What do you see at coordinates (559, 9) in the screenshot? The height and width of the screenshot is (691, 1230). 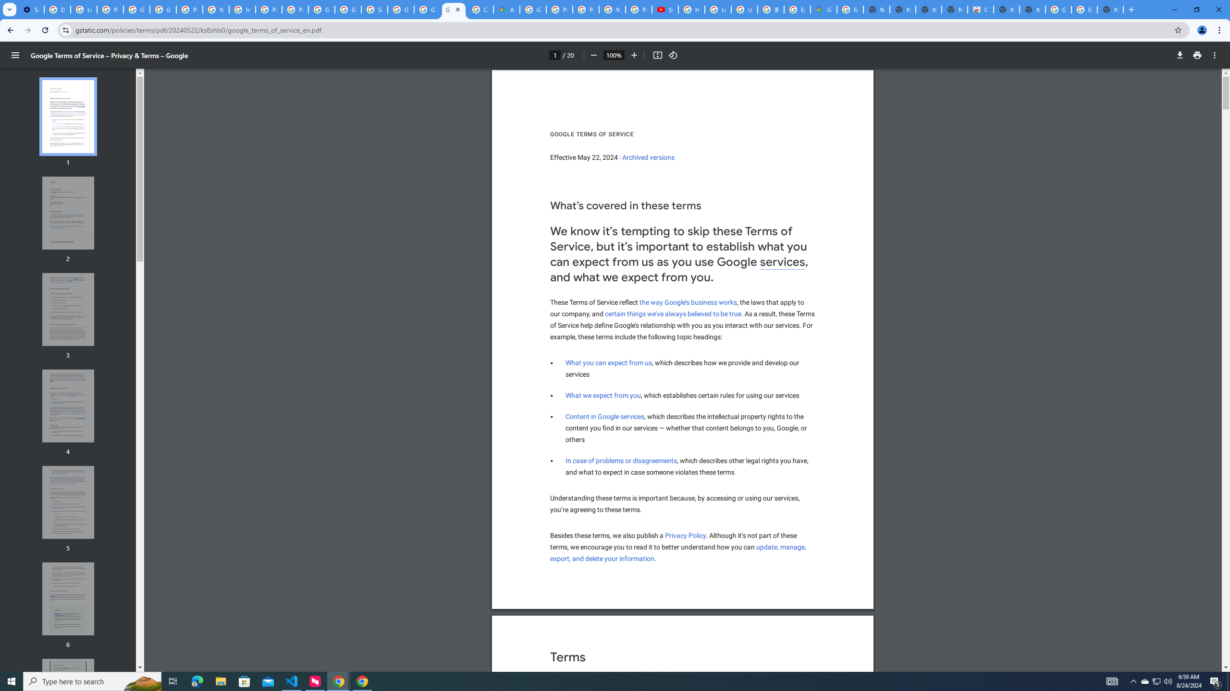 I see `'Privacy Help Center - Policies Help'` at bounding box center [559, 9].